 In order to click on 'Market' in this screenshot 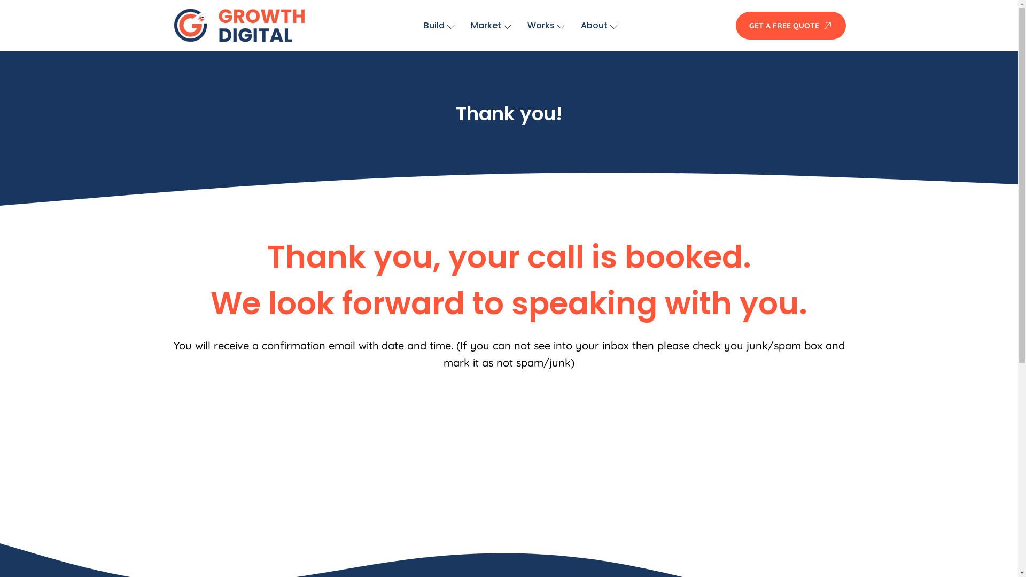, I will do `click(490, 25)`.